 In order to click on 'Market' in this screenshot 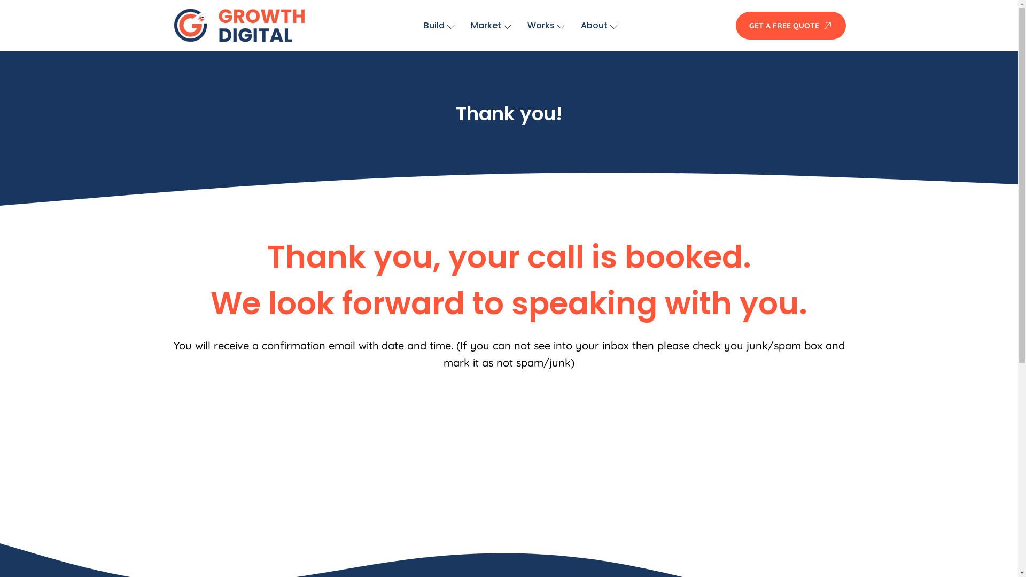, I will do `click(490, 25)`.